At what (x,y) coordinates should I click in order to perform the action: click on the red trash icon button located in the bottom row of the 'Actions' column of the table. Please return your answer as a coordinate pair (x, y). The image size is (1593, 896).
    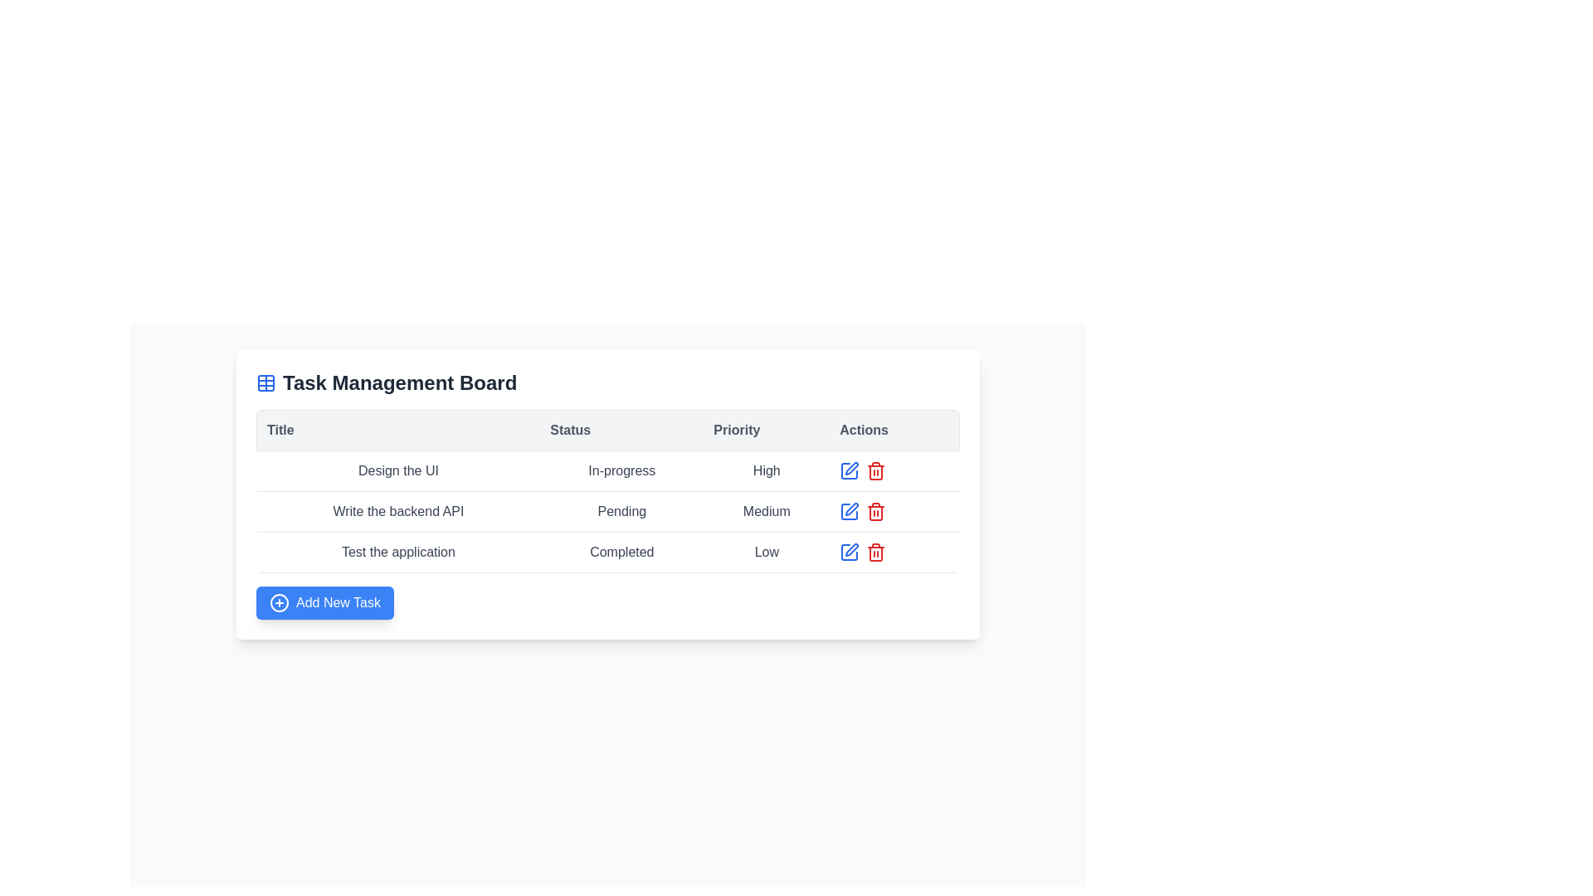
    Looking at the image, I should click on (875, 553).